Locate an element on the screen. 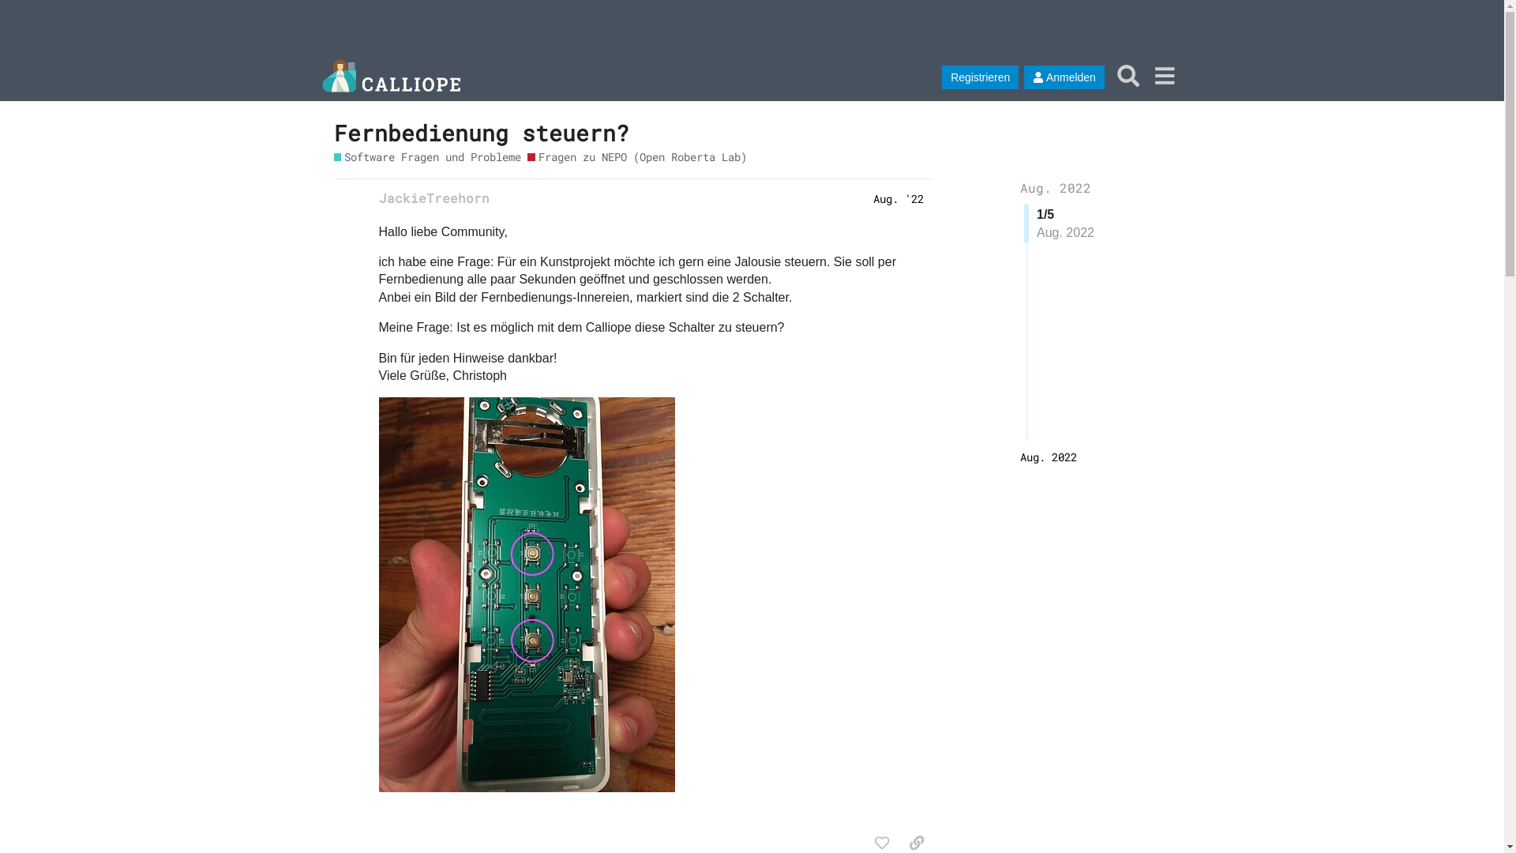  'Registrieren' is located at coordinates (979, 77).